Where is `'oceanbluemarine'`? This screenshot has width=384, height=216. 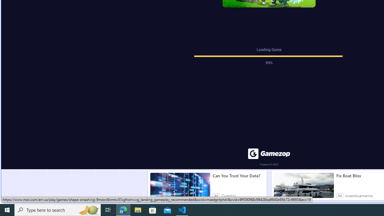
'oceanbluemarine' is located at coordinates (358, 195).